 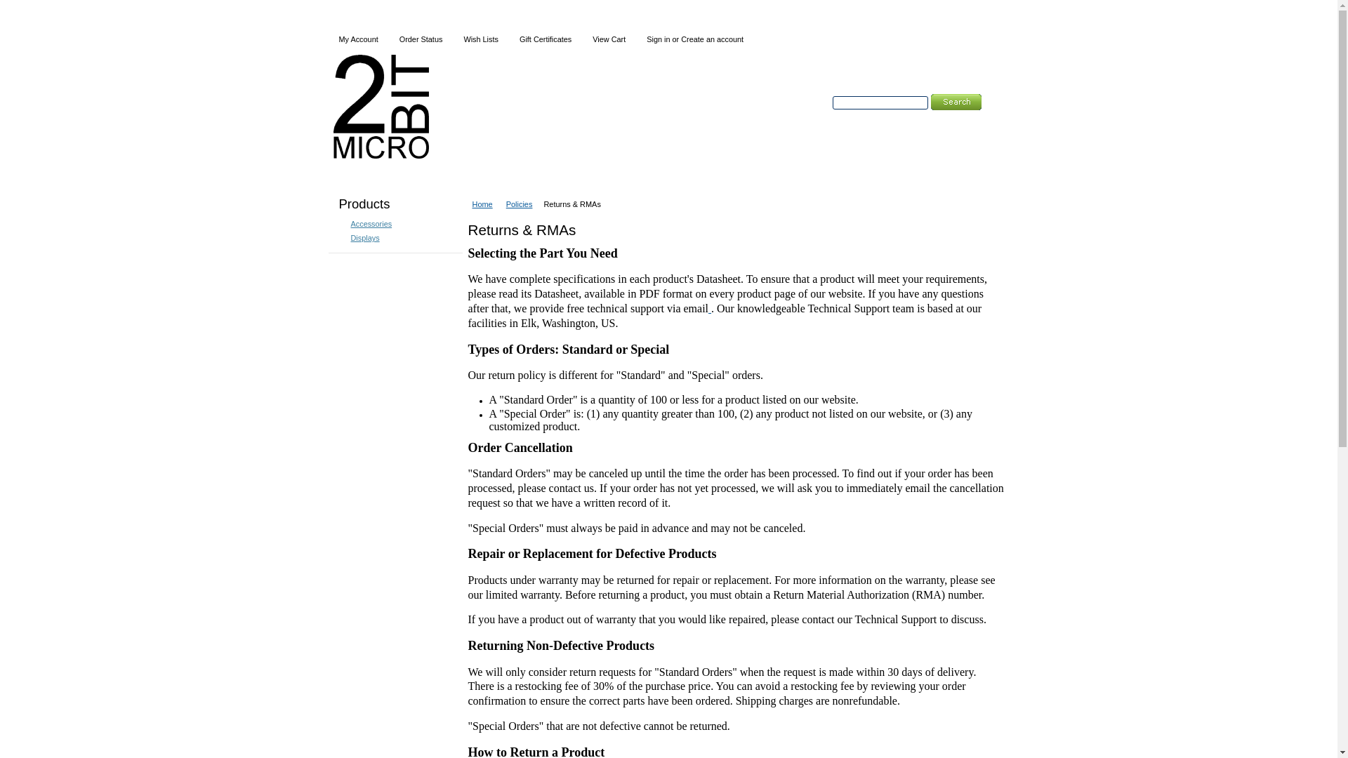 What do you see at coordinates (712, 39) in the screenshot?
I see `'Create an account'` at bounding box center [712, 39].